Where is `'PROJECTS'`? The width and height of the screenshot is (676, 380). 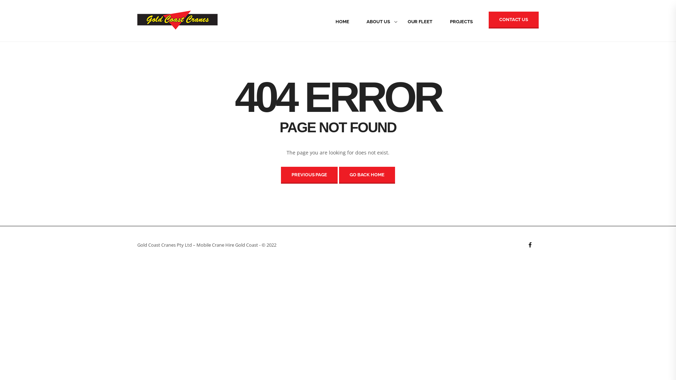 'PROJECTS' is located at coordinates (440, 21).